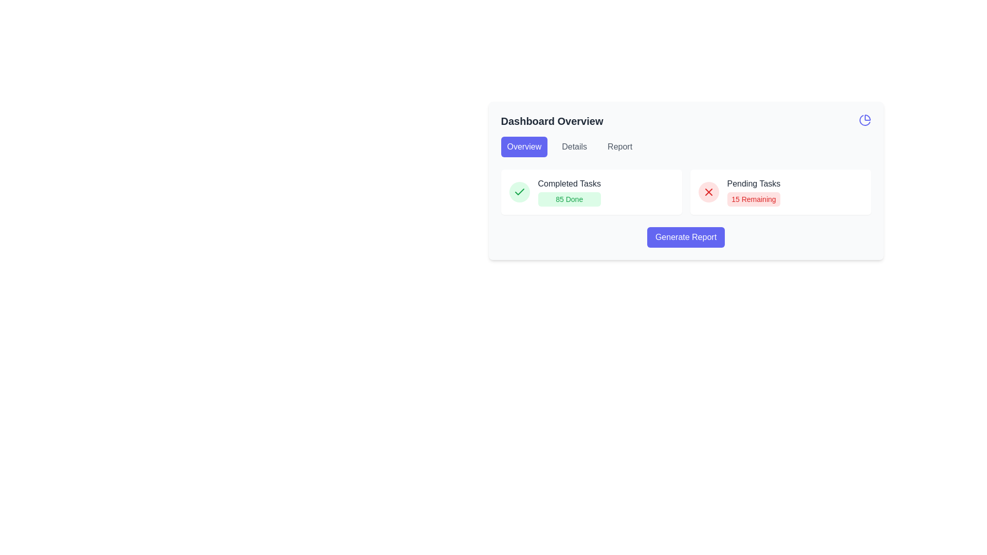  Describe the element at coordinates (569, 199) in the screenshot. I see `the Label with a light green background that contains the text '85 Done', located below 'Completed Tasks' in the UI card` at that location.